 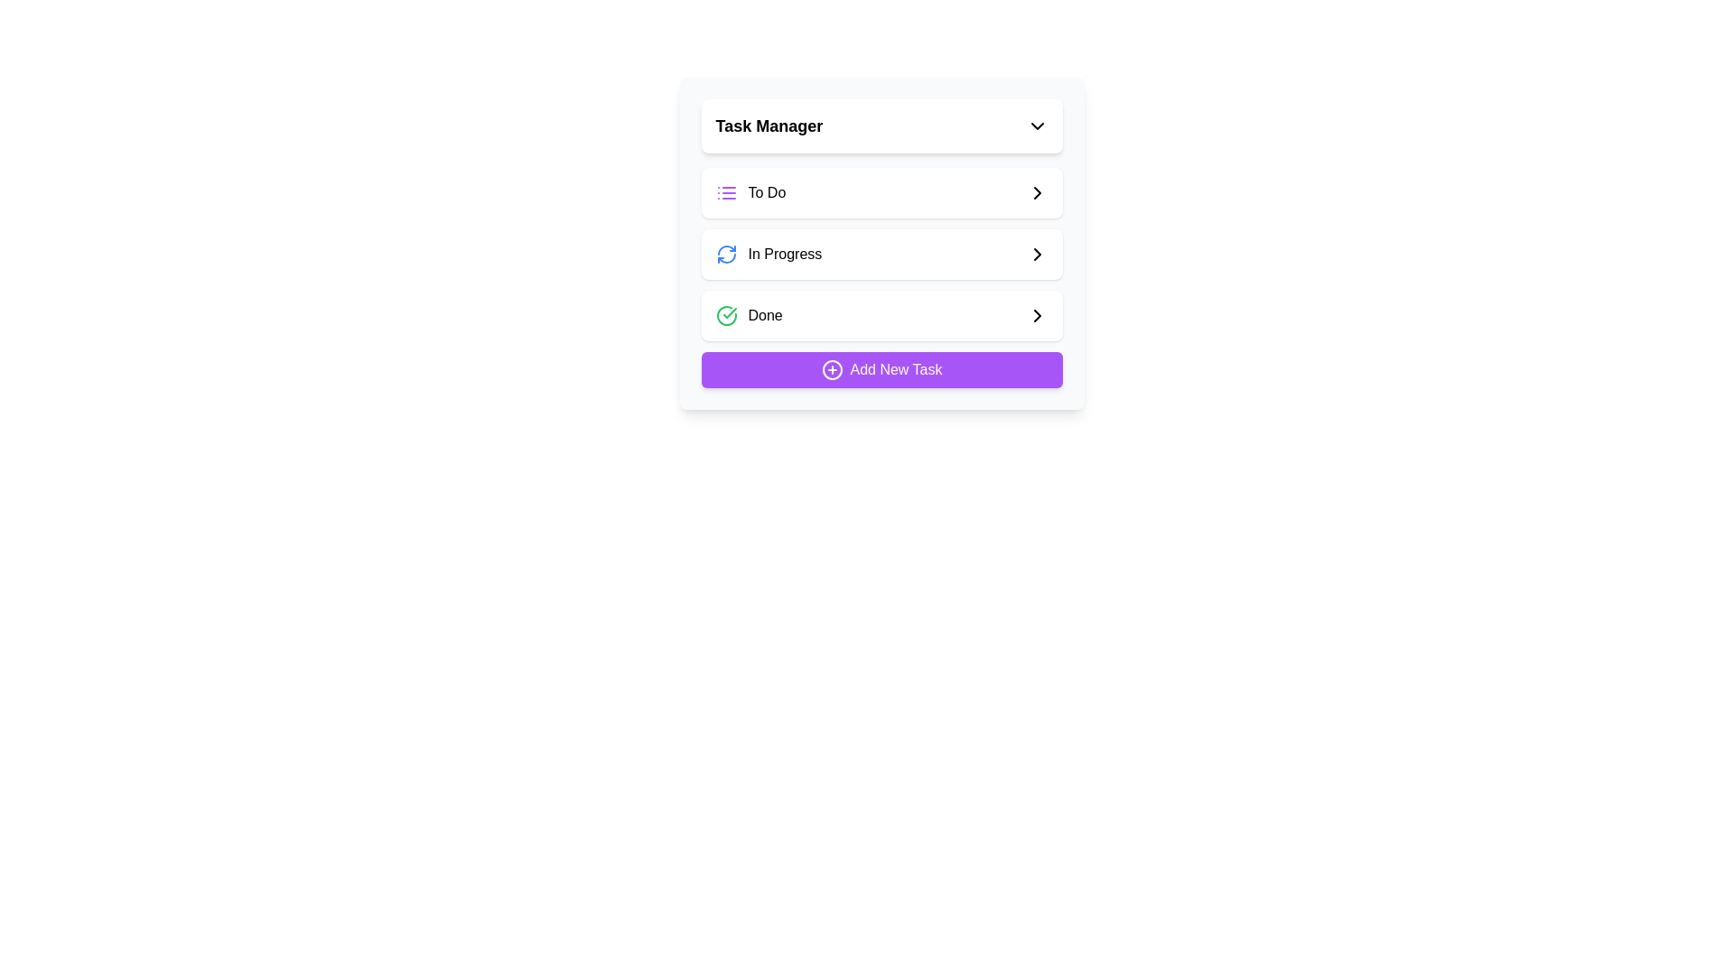 I want to click on the circular icon within the 'Add New Task' button located at the bottom center of the task management panel, so click(x=831, y=368).